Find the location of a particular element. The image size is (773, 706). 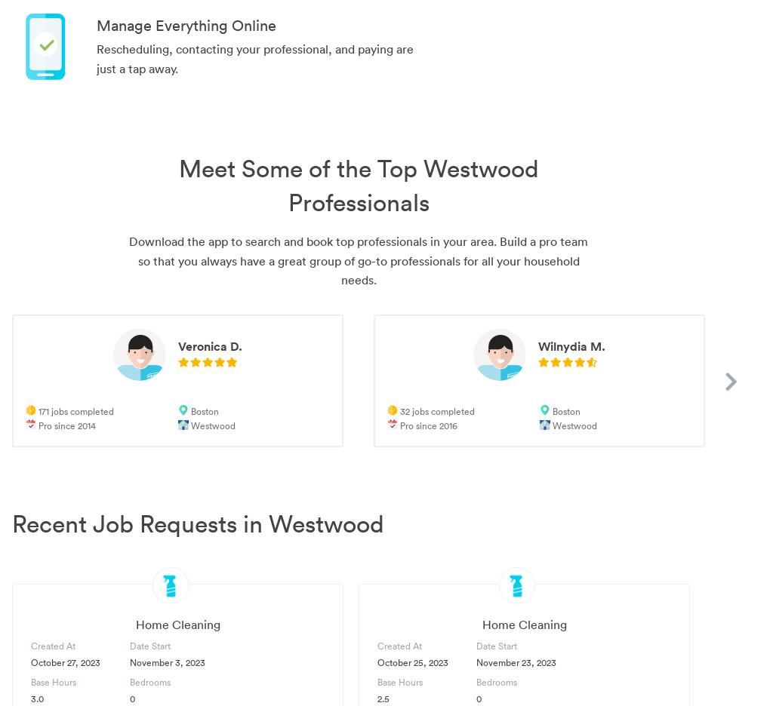

'Recent Job Requests in Westwood' is located at coordinates (198, 523).